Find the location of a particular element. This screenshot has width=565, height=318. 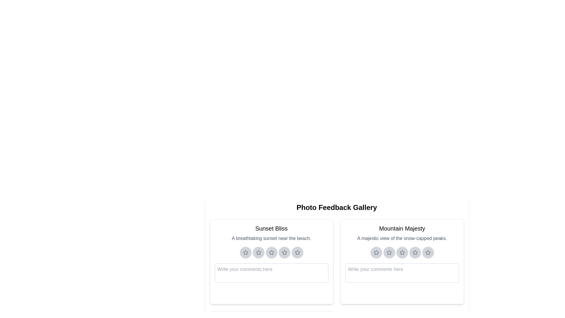

the fifth star icon in the rating system under the 'Sunset Bliss' feedback box is located at coordinates (297, 252).